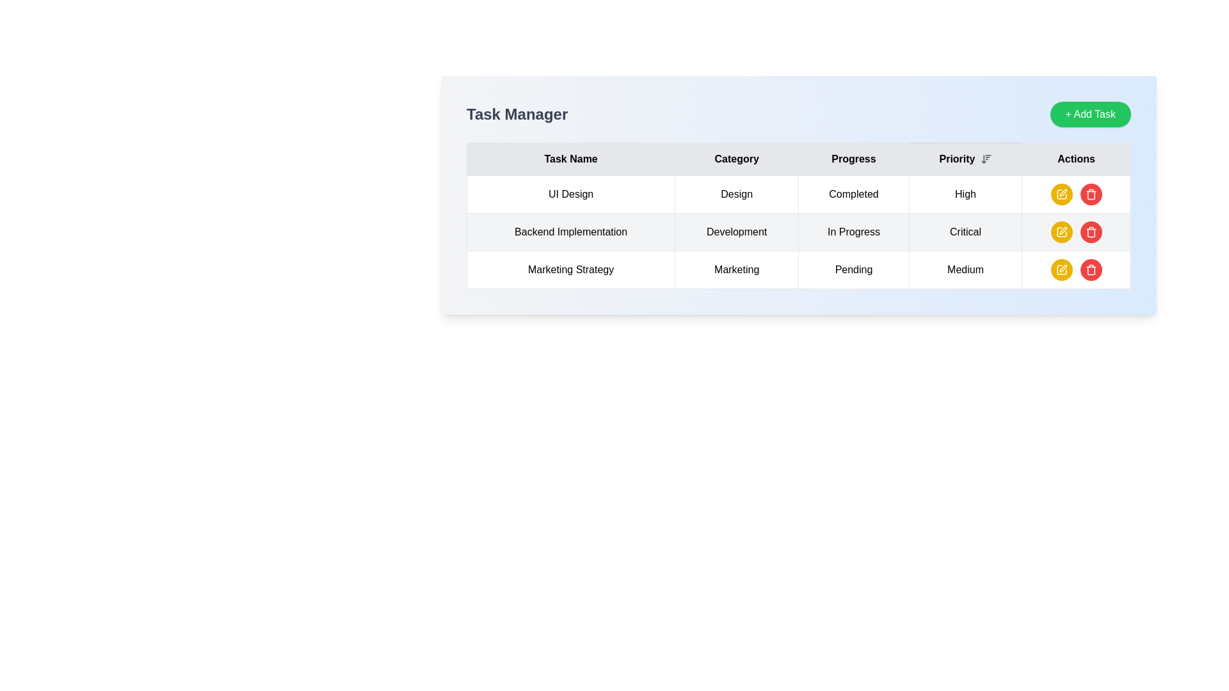  I want to click on the text display element that shows the task name 'Backend Implementation' located in the first column of the first row of the table, so click(570, 232).